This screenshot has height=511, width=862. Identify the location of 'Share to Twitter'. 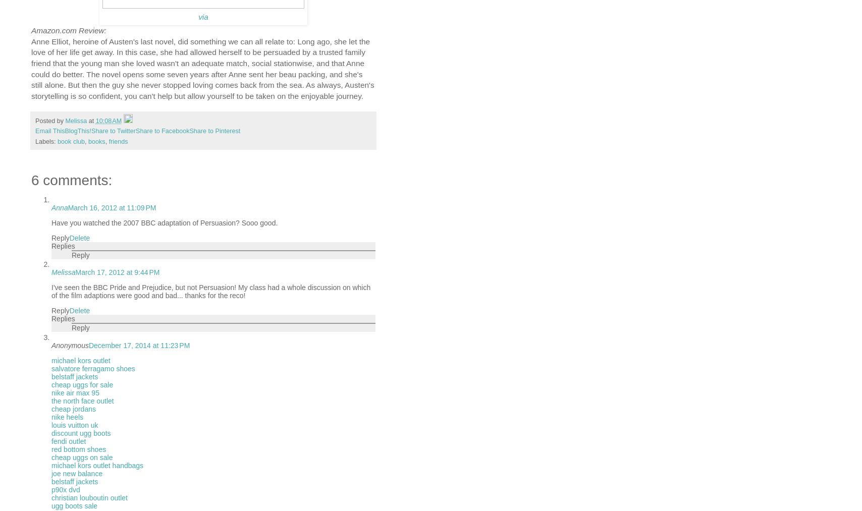
(113, 131).